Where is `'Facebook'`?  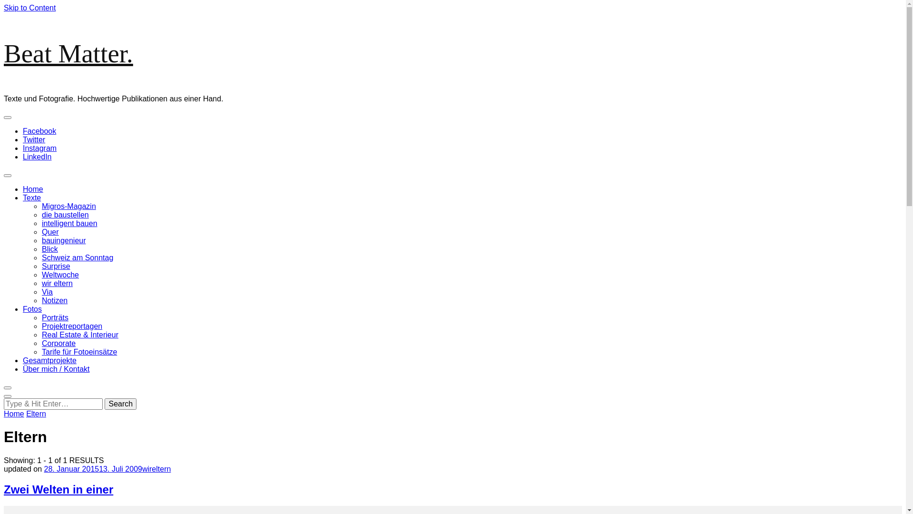
'Facebook' is located at coordinates (39, 131).